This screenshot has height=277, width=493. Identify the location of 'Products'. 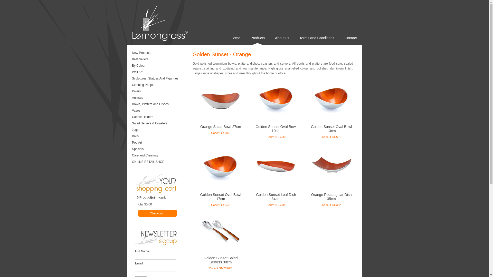
(245, 40).